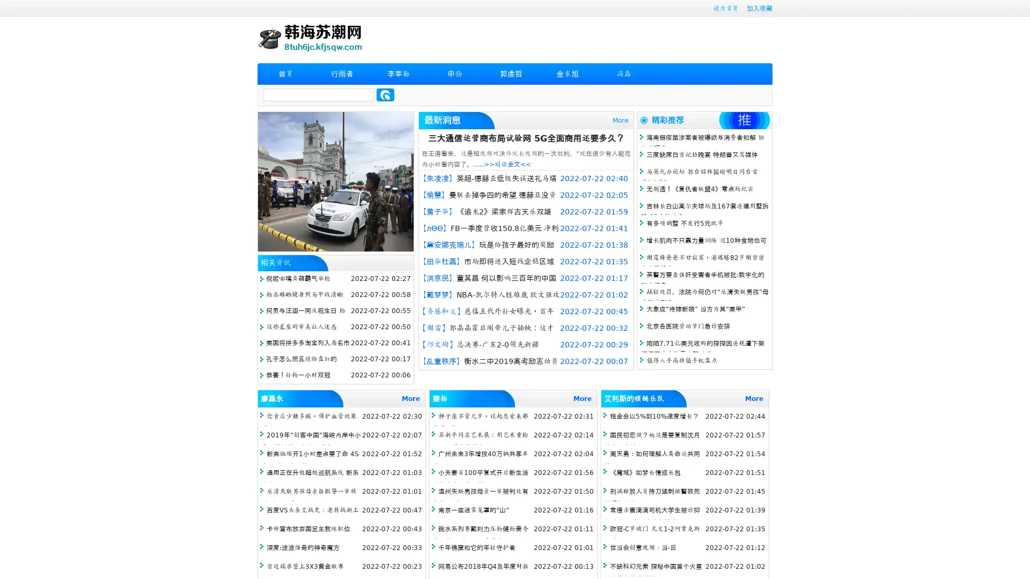 The image size is (1030, 579). I want to click on Search, so click(385, 94).